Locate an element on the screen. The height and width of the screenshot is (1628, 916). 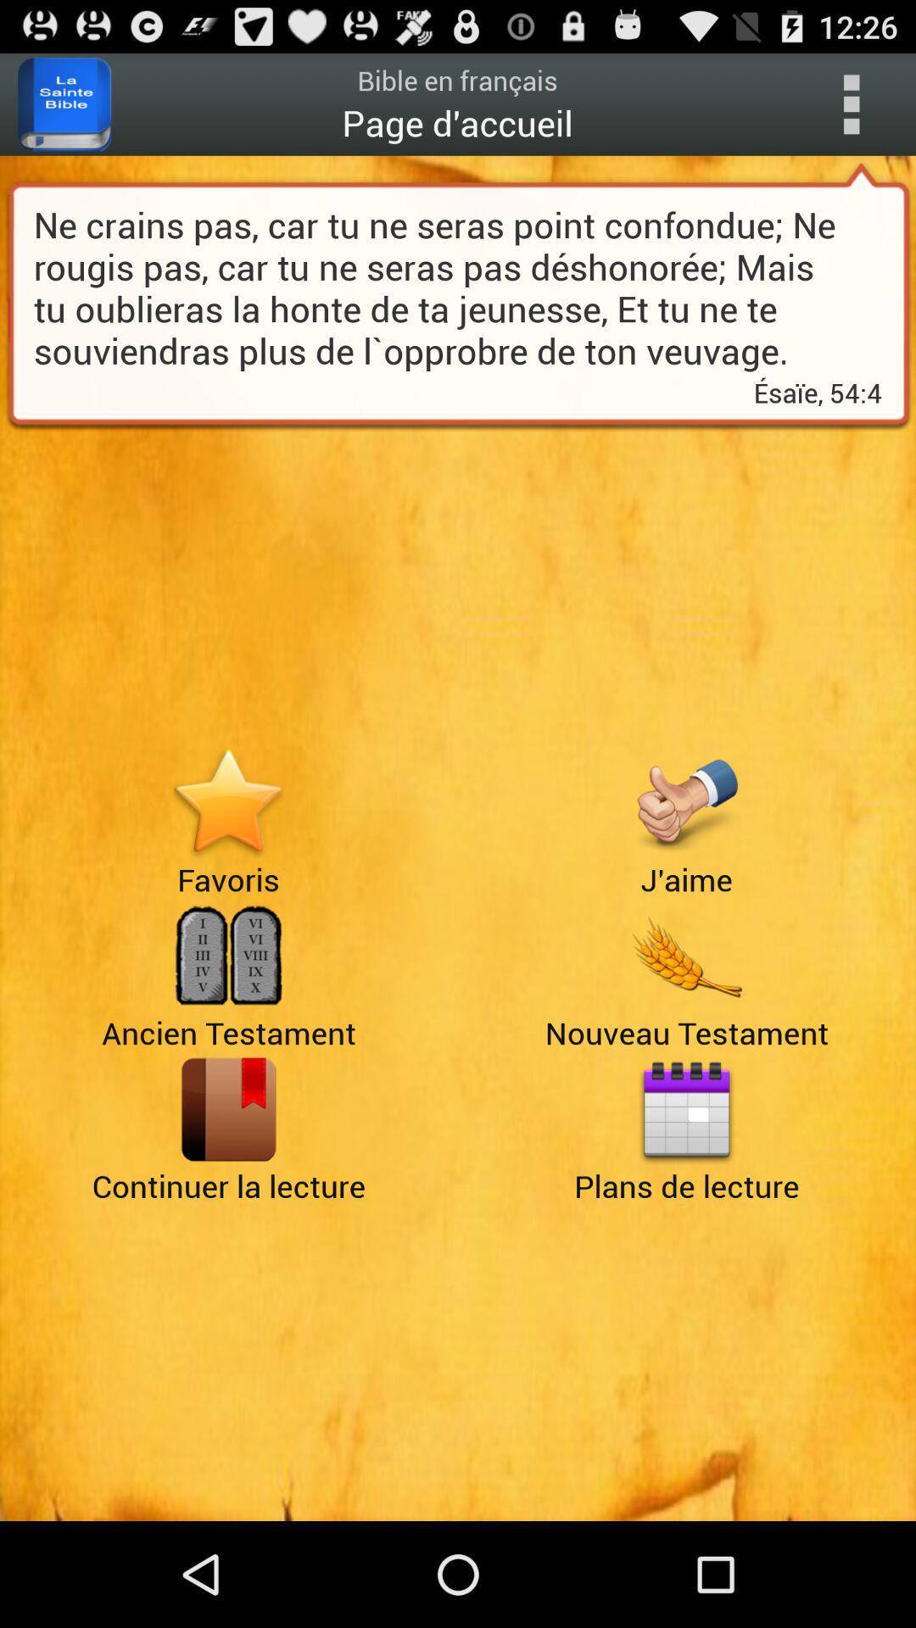
load the learning function is located at coordinates (227, 1109).